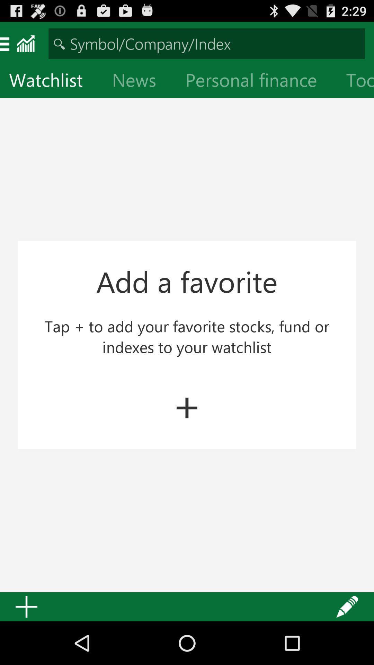 This screenshot has height=665, width=374. What do you see at coordinates (347, 606) in the screenshot?
I see `the item at the bottom right corner` at bounding box center [347, 606].